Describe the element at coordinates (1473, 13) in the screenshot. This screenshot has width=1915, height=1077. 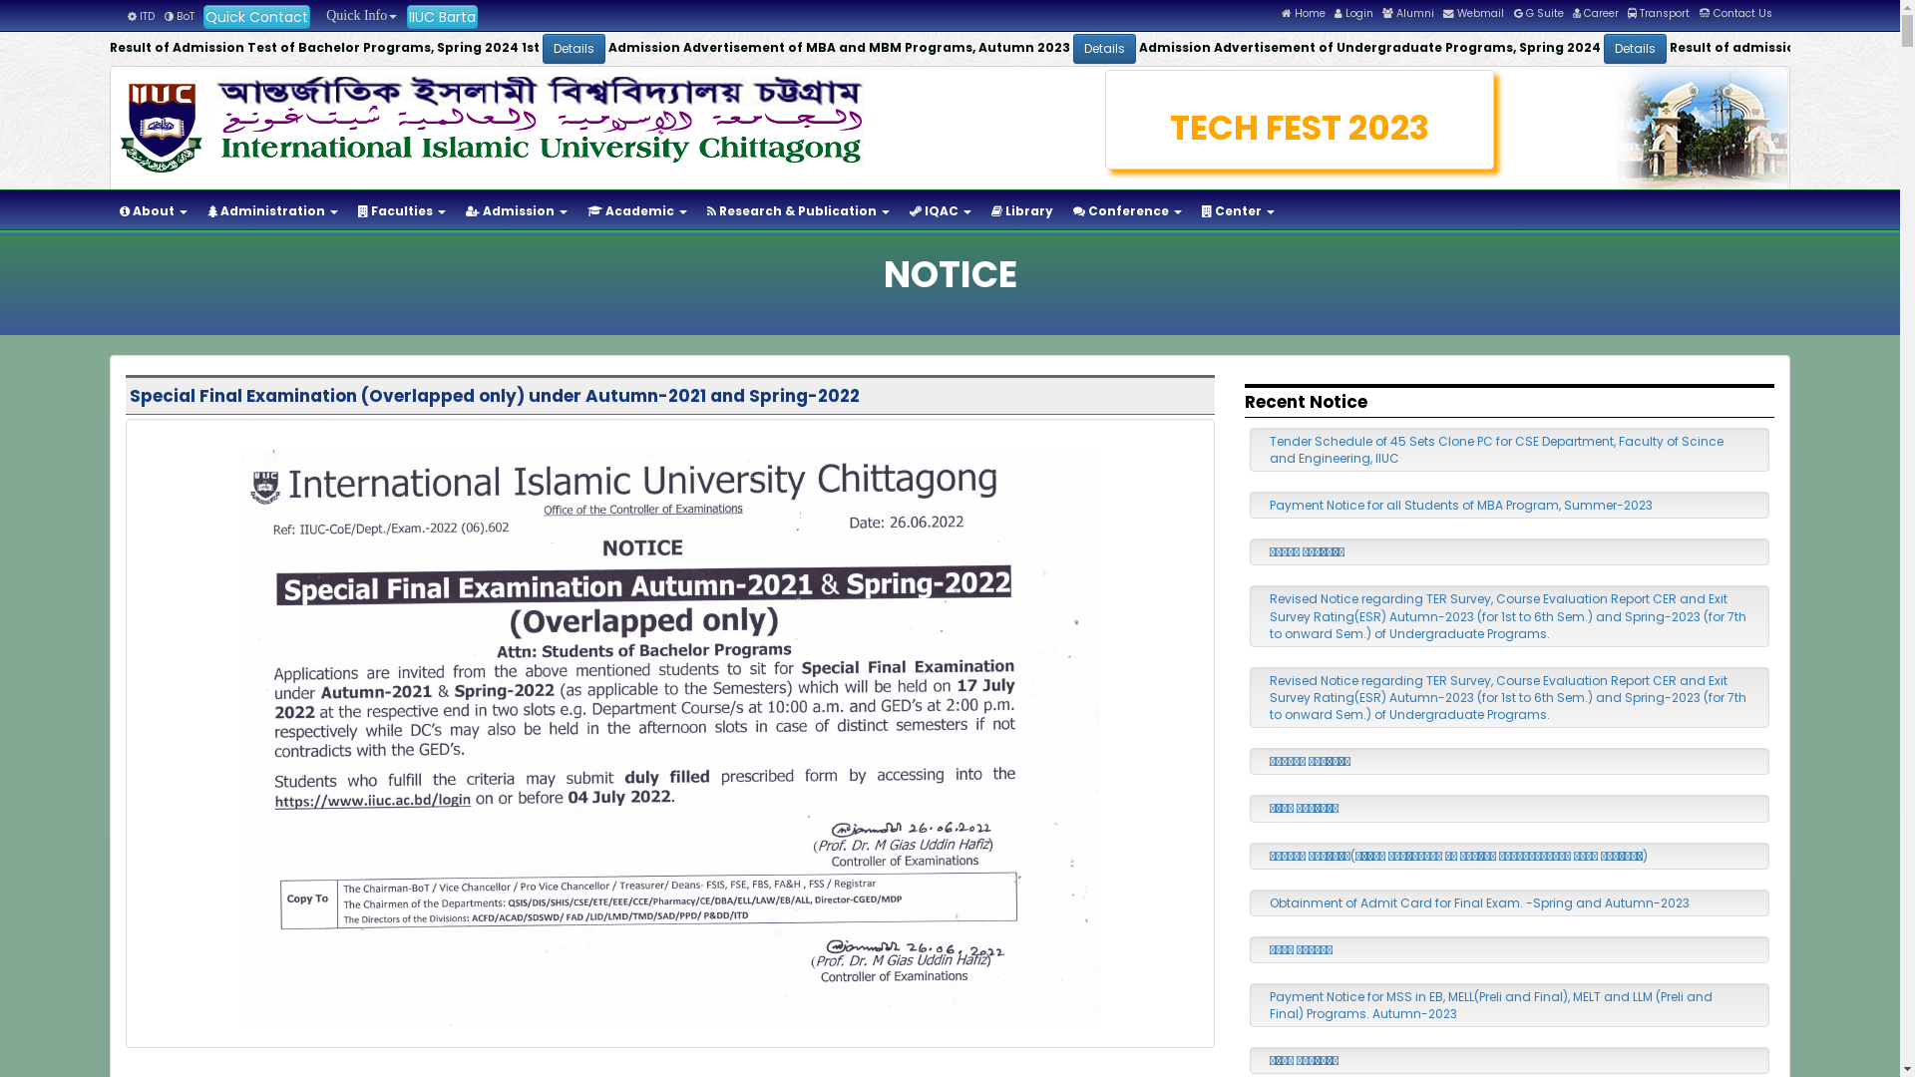
I see `'Webmail'` at that location.